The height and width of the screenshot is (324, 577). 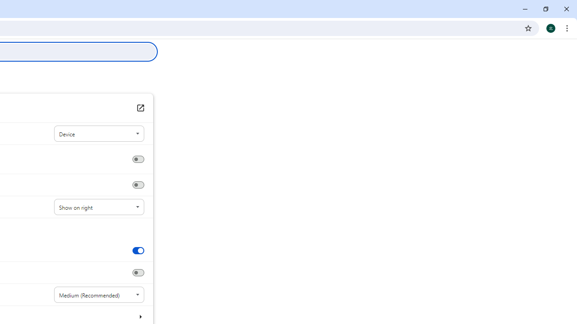 I want to click on 'Restore', so click(x=545, y=9).